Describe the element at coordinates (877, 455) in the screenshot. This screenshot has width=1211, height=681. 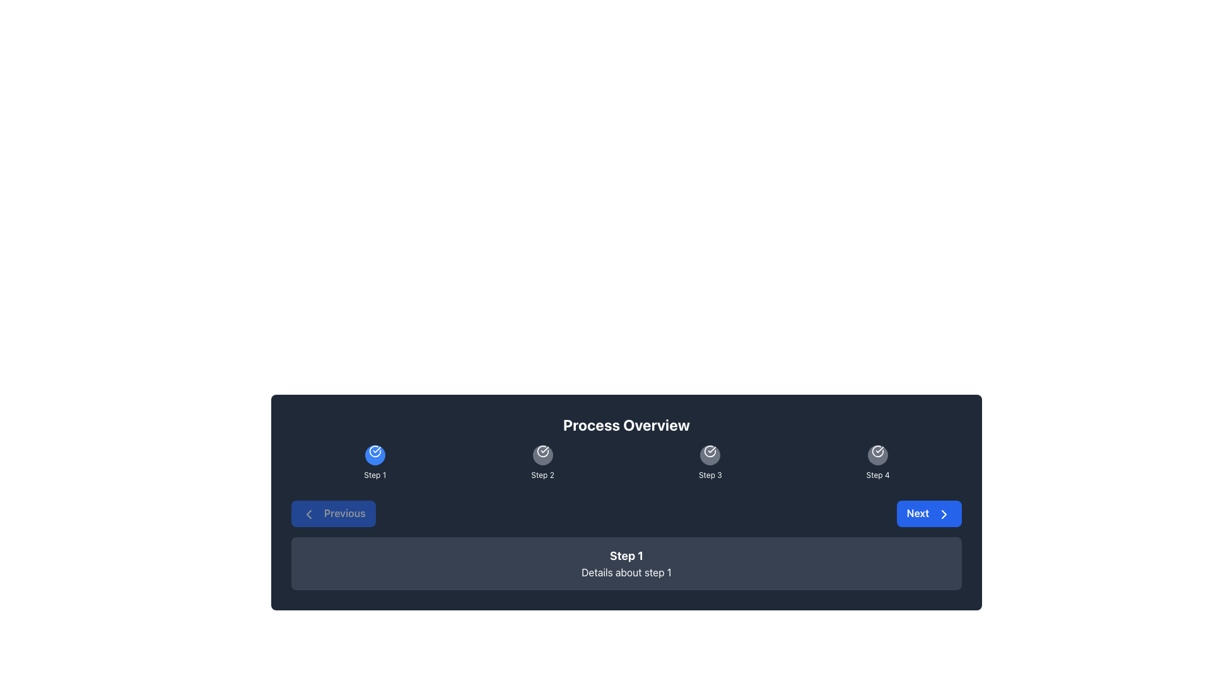
I see `the circular gray button with a white checkmark icon, labeled 'Step 4', which is the fourth step indicator in a horizontal layout` at that location.